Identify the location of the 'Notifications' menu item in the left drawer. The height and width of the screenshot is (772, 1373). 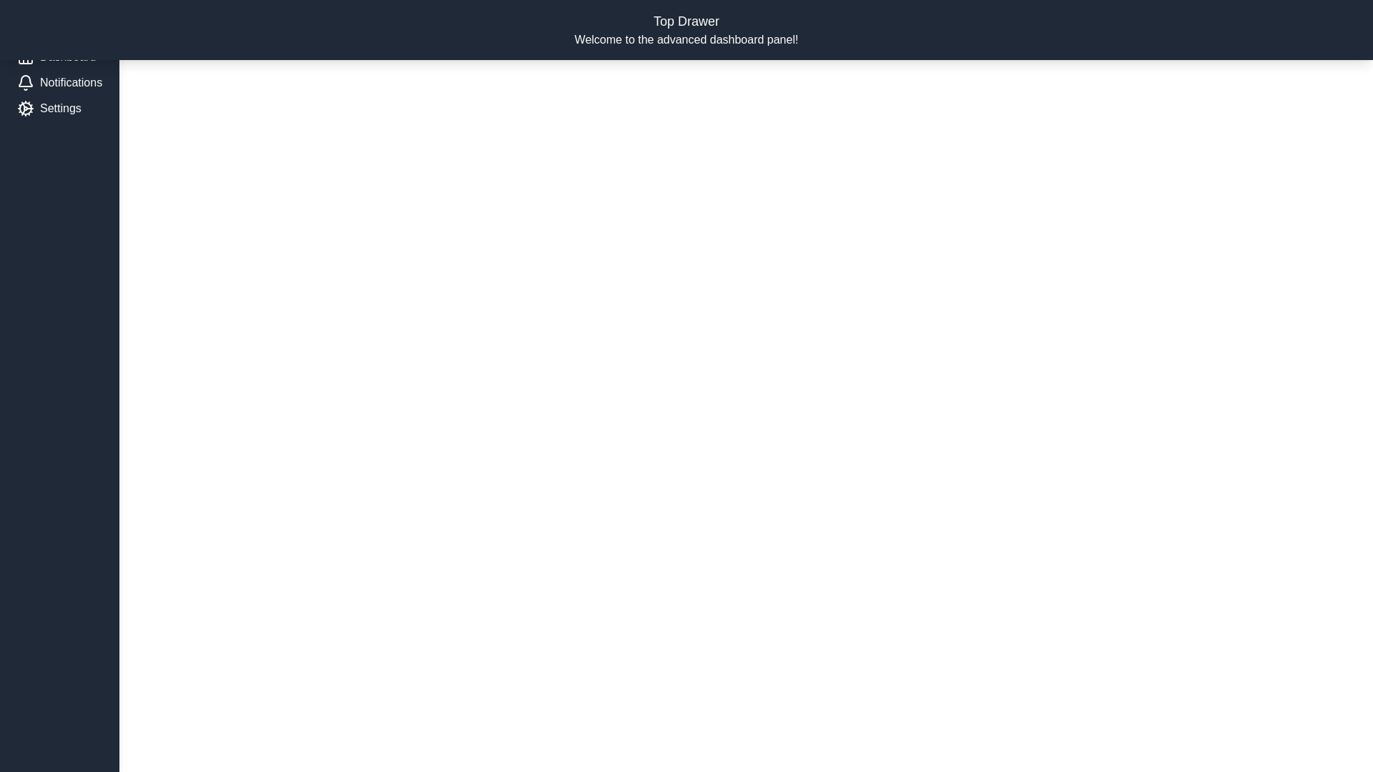
(59, 82).